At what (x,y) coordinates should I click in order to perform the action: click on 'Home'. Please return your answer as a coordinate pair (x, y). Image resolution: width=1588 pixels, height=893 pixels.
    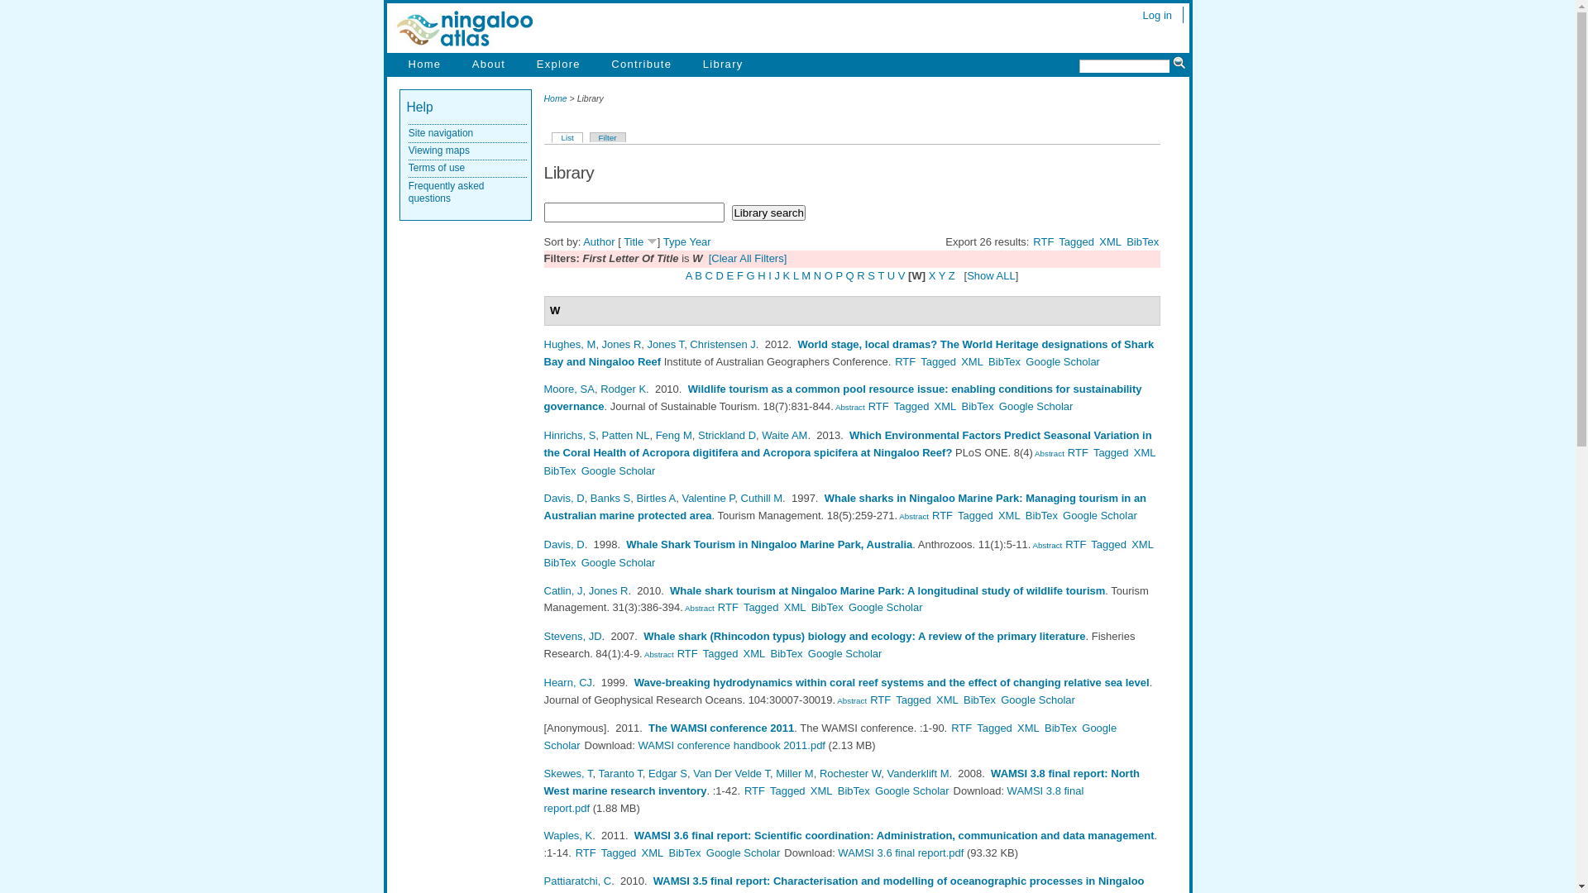
    Looking at the image, I should click on (424, 63).